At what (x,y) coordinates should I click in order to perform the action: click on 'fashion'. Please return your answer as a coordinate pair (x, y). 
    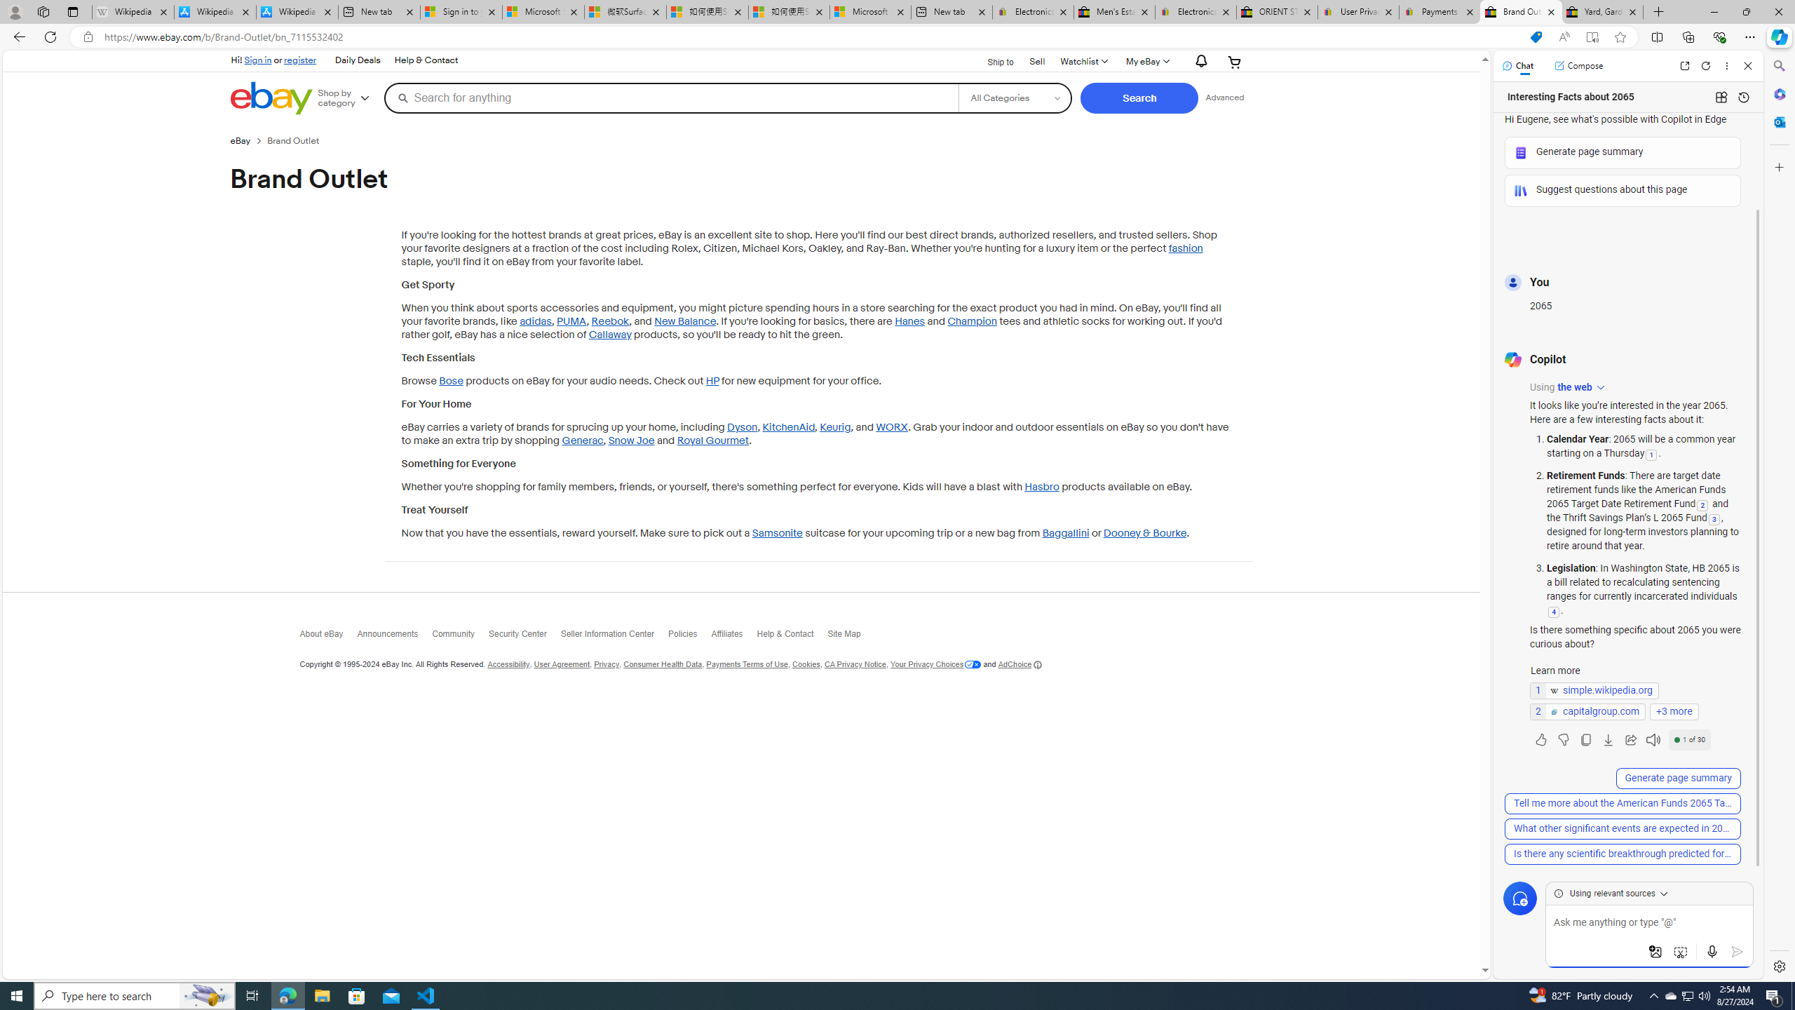
    Looking at the image, I should click on (1184, 248).